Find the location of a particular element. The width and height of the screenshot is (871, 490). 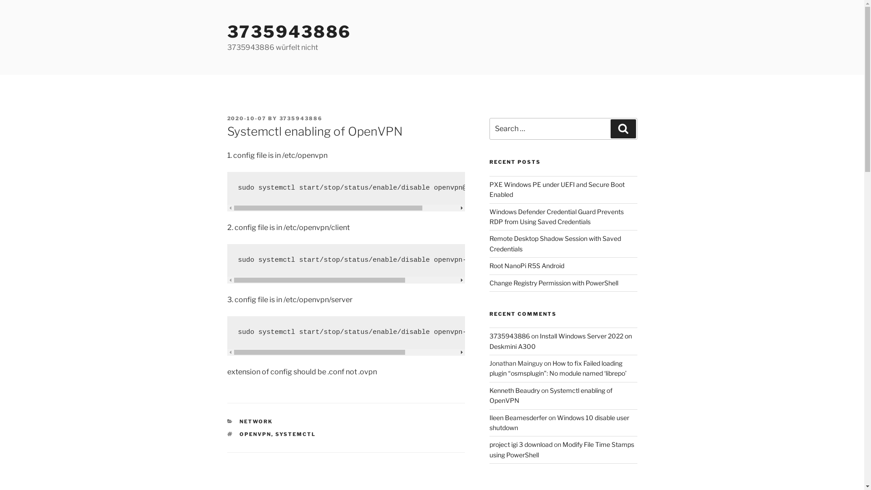

'Systemctl enabling of OpenVPN' is located at coordinates (489, 395).